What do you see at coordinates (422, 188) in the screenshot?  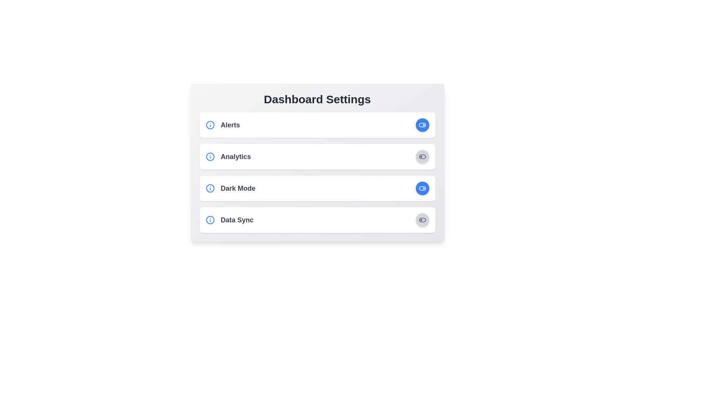 I see `toggle button for Dark Mode to toggle its state` at bounding box center [422, 188].